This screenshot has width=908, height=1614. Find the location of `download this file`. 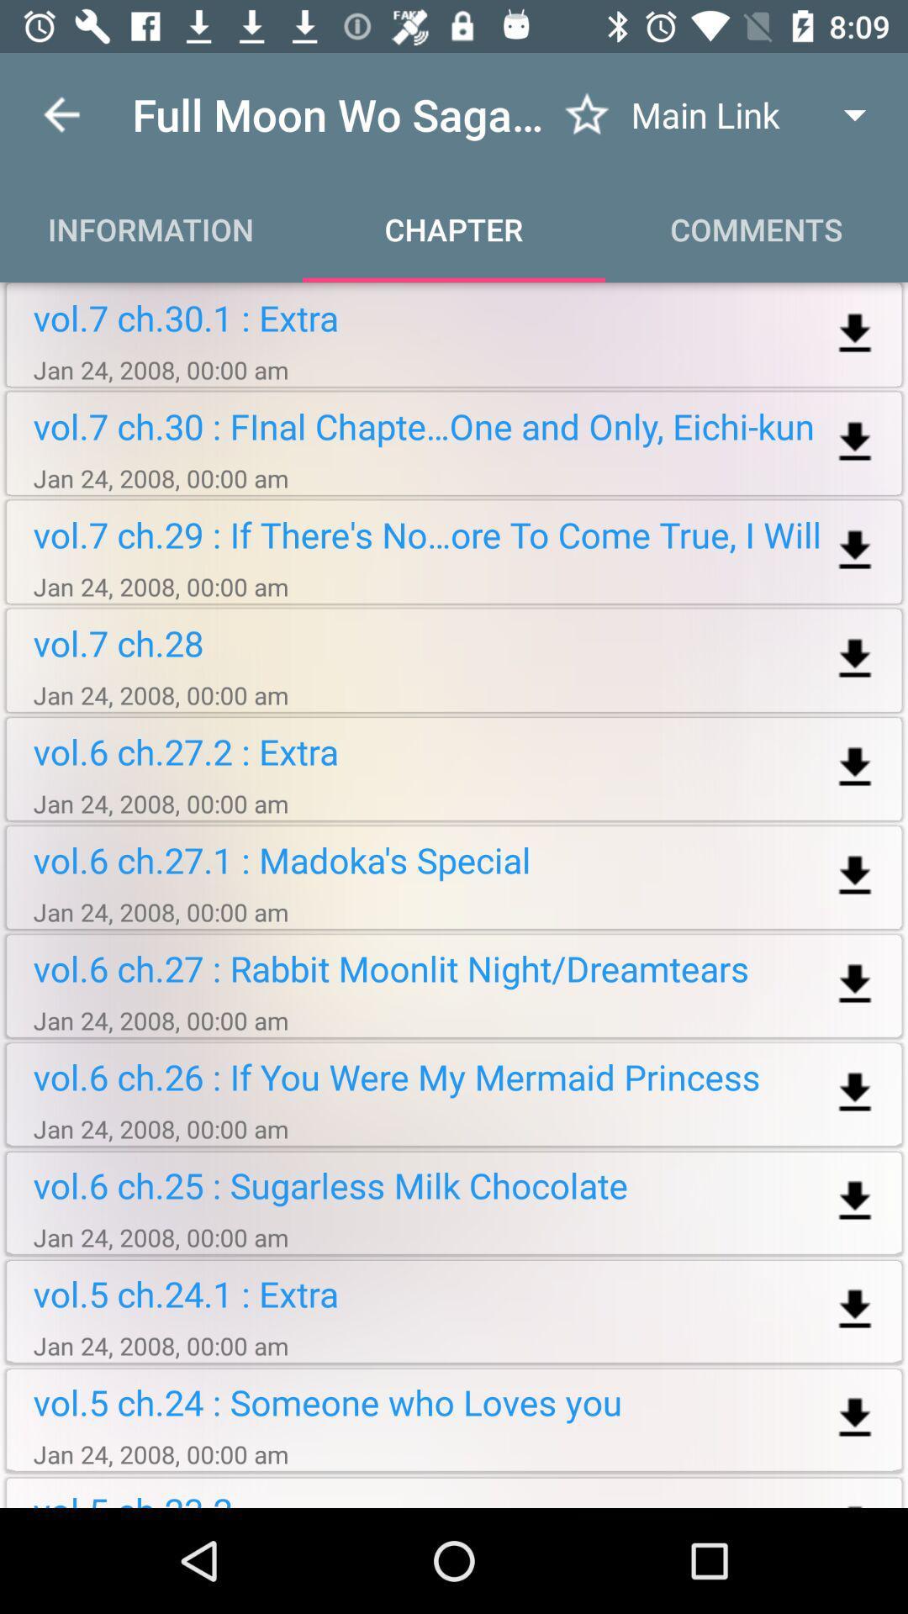

download this file is located at coordinates (855, 875).